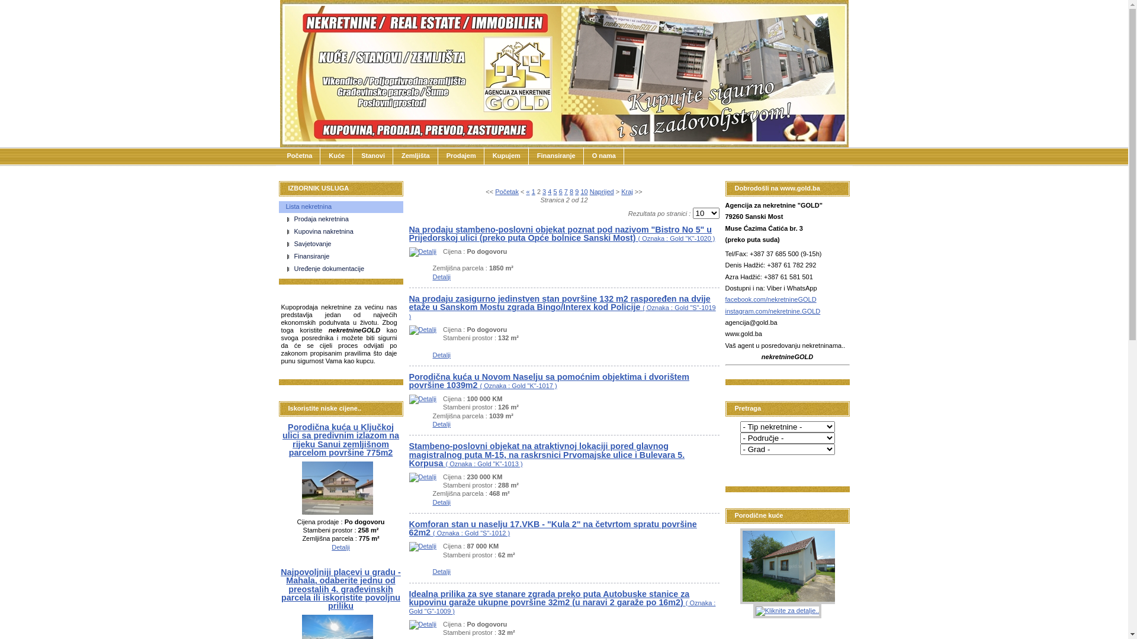  I want to click on 'Detalji', so click(441, 354).